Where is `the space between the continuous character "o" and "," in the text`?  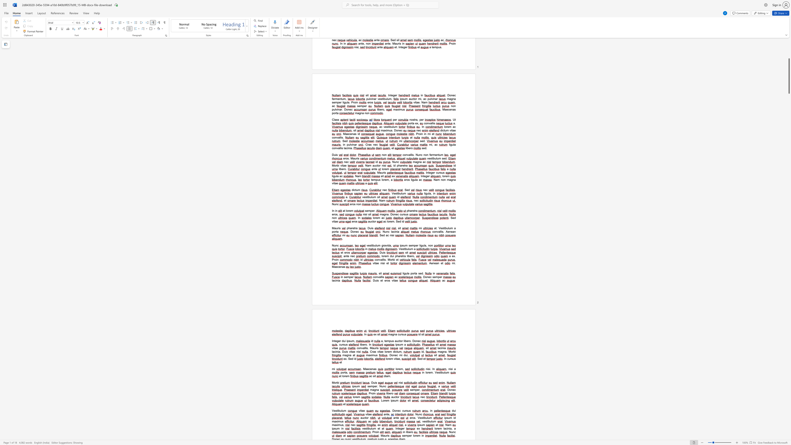 the space between the continuous character "o" and "," in the text is located at coordinates (413, 256).